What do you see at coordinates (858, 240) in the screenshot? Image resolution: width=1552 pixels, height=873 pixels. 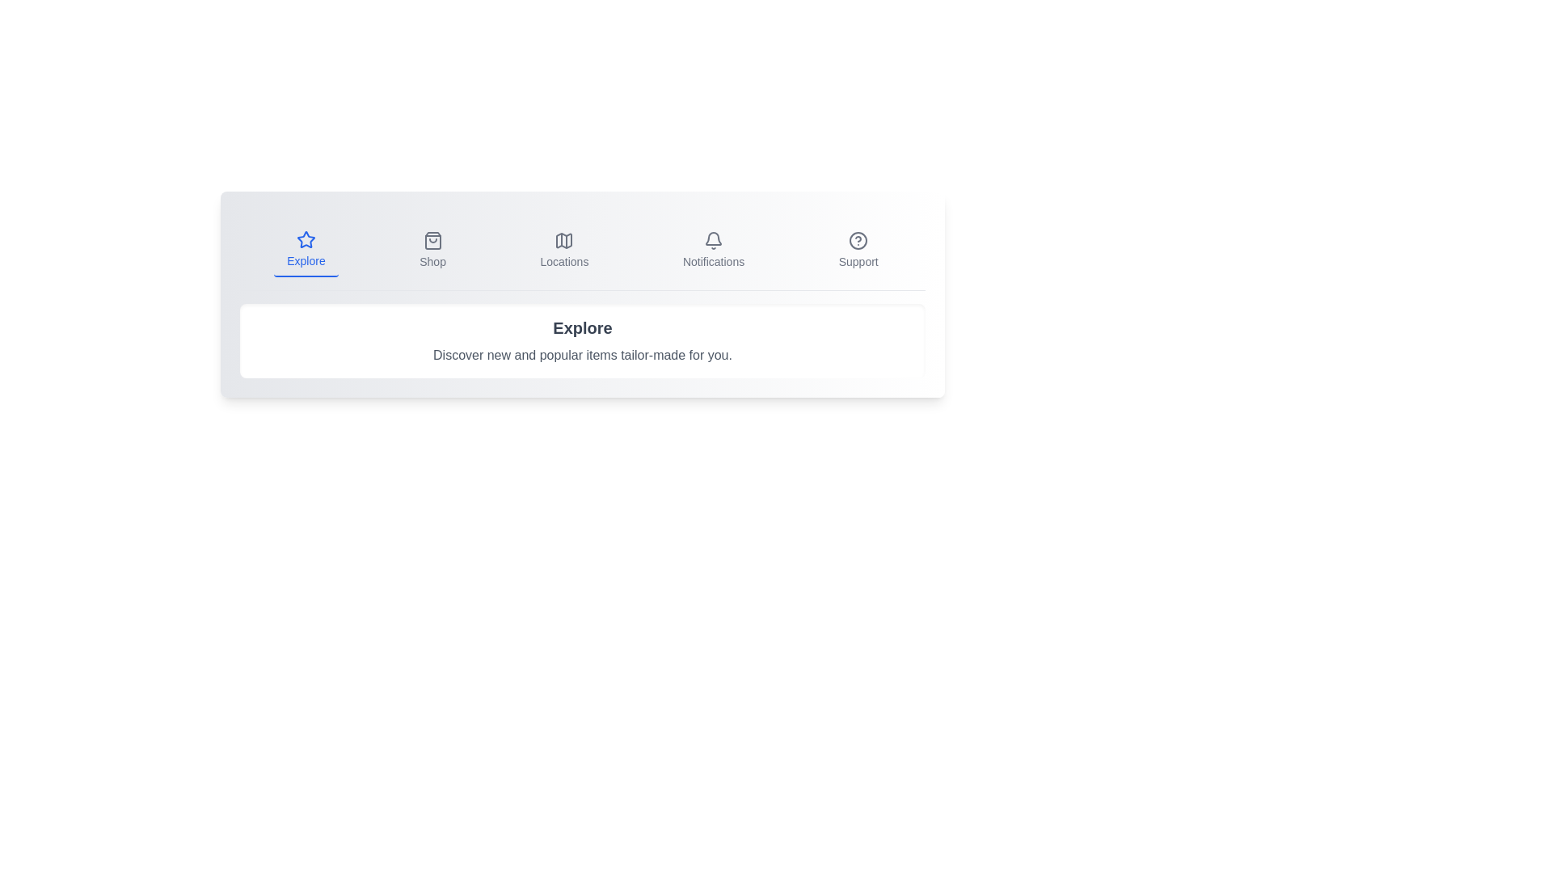 I see `the help or support icon located at the top-right corner of the menu bar, just above the 'Support' label` at bounding box center [858, 240].